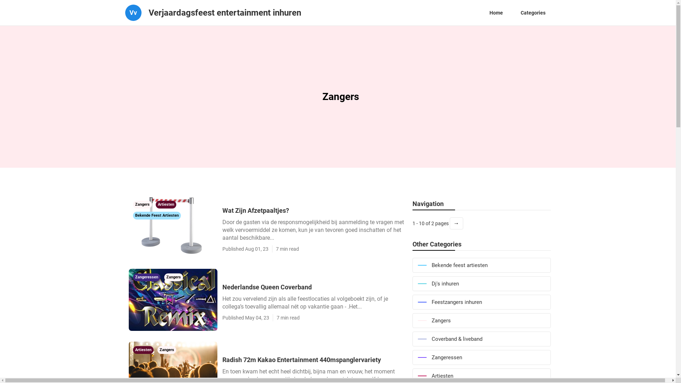  I want to click on 'Coverband & liveband', so click(481, 339).